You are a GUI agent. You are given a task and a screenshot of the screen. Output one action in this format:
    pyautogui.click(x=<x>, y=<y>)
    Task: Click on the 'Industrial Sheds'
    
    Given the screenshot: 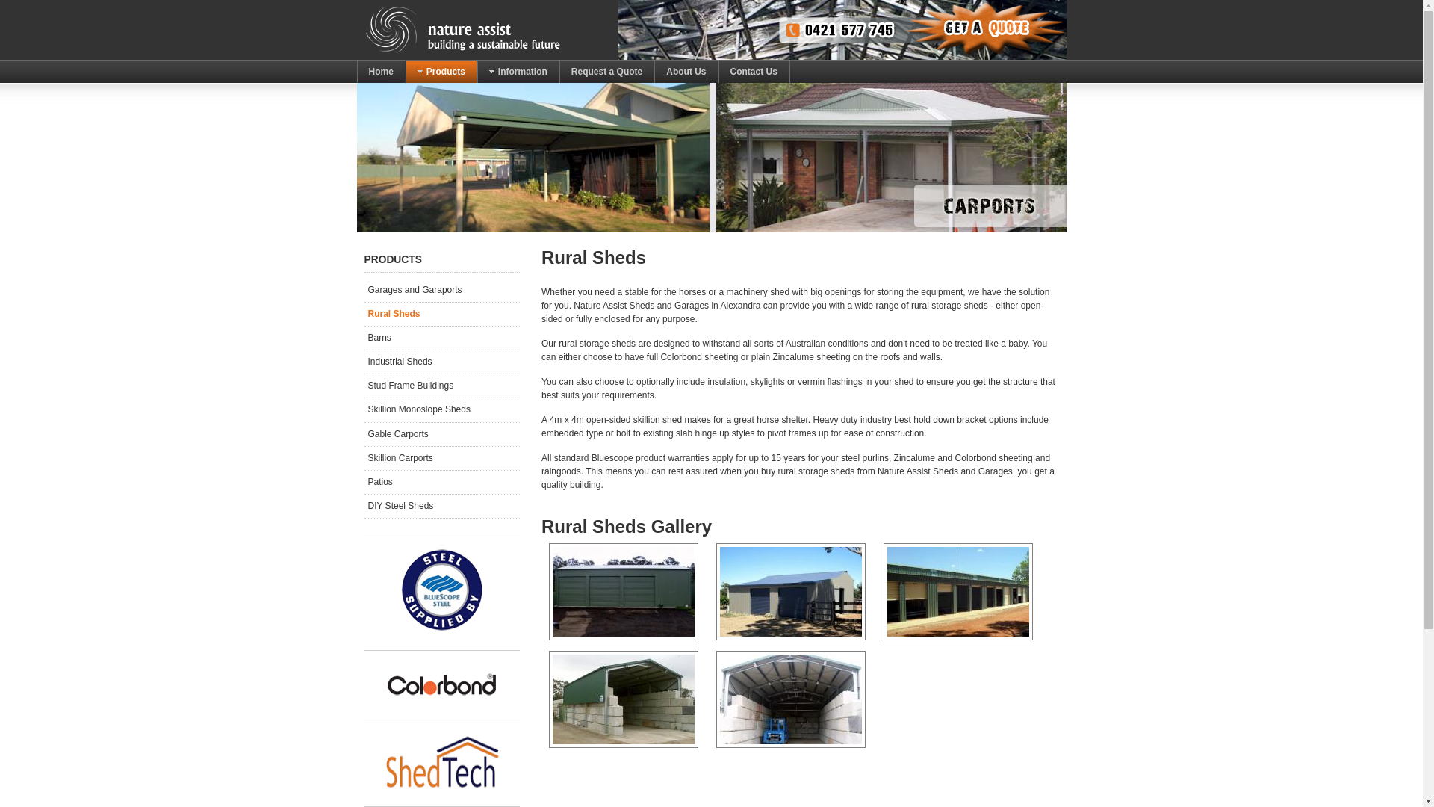 What is the action you would take?
    pyautogui.click(x=364, y=362)
    